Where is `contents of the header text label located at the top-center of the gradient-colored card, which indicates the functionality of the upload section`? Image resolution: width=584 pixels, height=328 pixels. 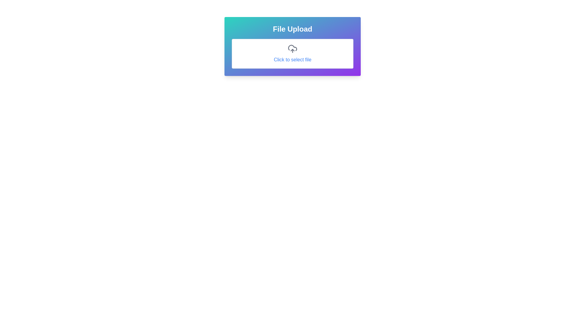
contents of the header text label located at the top-center of the gradient-colored card, which indicates the functionality of the upload section is located at coordinates (292, 29).